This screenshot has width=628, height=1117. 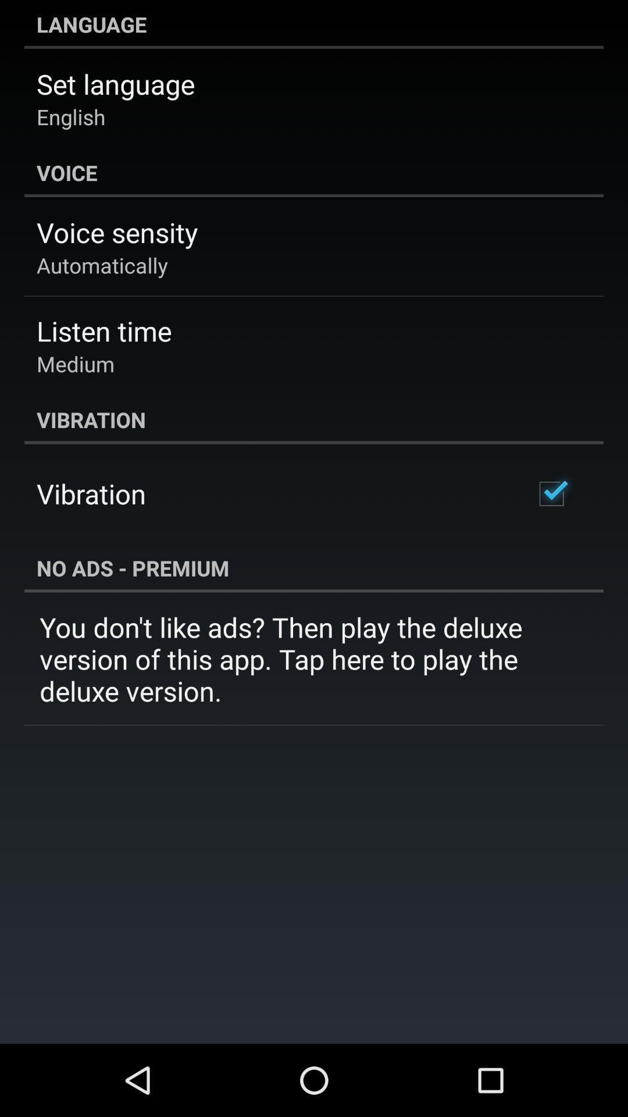 What do you see at coordinates (117, 232) in the screenshot?
I see `voice sensity` at bounding box center [117, 232].